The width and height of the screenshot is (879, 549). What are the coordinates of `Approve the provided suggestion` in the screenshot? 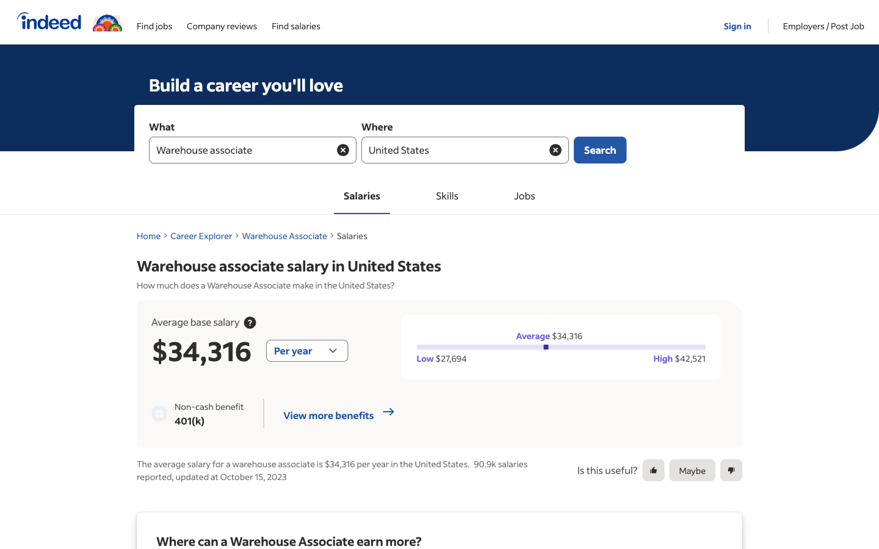 It's located at (653, 470).